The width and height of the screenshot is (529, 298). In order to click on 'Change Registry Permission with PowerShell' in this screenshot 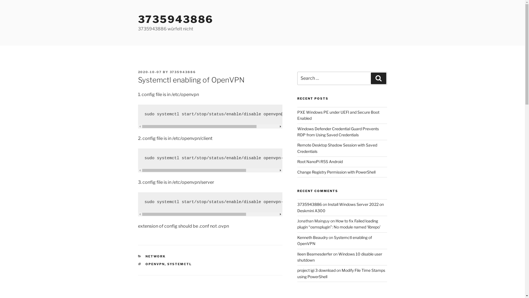, I will do `click(297, 171)`.